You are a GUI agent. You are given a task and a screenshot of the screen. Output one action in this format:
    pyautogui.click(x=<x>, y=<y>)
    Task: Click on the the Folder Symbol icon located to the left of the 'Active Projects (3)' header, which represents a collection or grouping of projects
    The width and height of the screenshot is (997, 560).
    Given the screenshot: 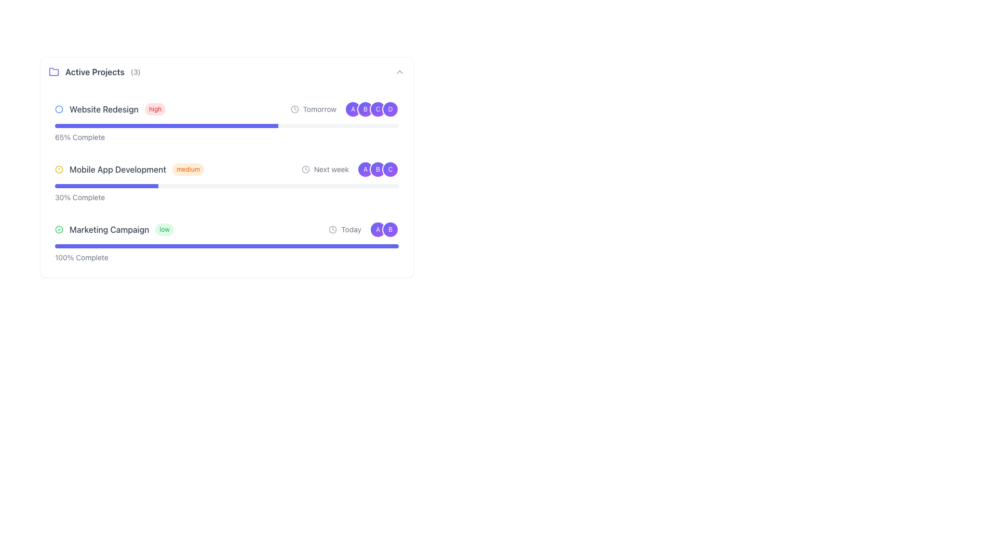 What is the action you would take?
    pyautogui.click(x=53, y=71)
    